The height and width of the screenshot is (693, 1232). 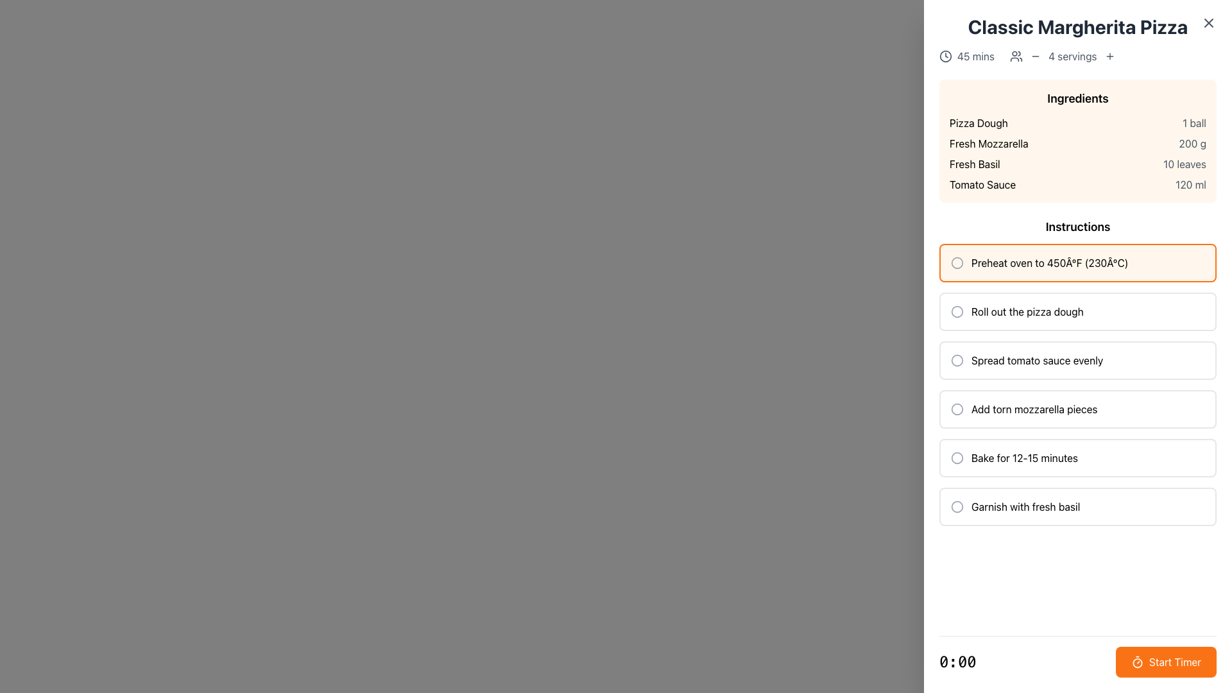 What do you see at coordinates (1078, 457) in the screenshot?
I see `the button labeled 'Bake for 12-15 minutes' which is located in the 'Instructions' section, positioned between 'Add torn mozzarella pieces' and 'Garnish with fresh basil.'` at bounding box center [1078, 457].